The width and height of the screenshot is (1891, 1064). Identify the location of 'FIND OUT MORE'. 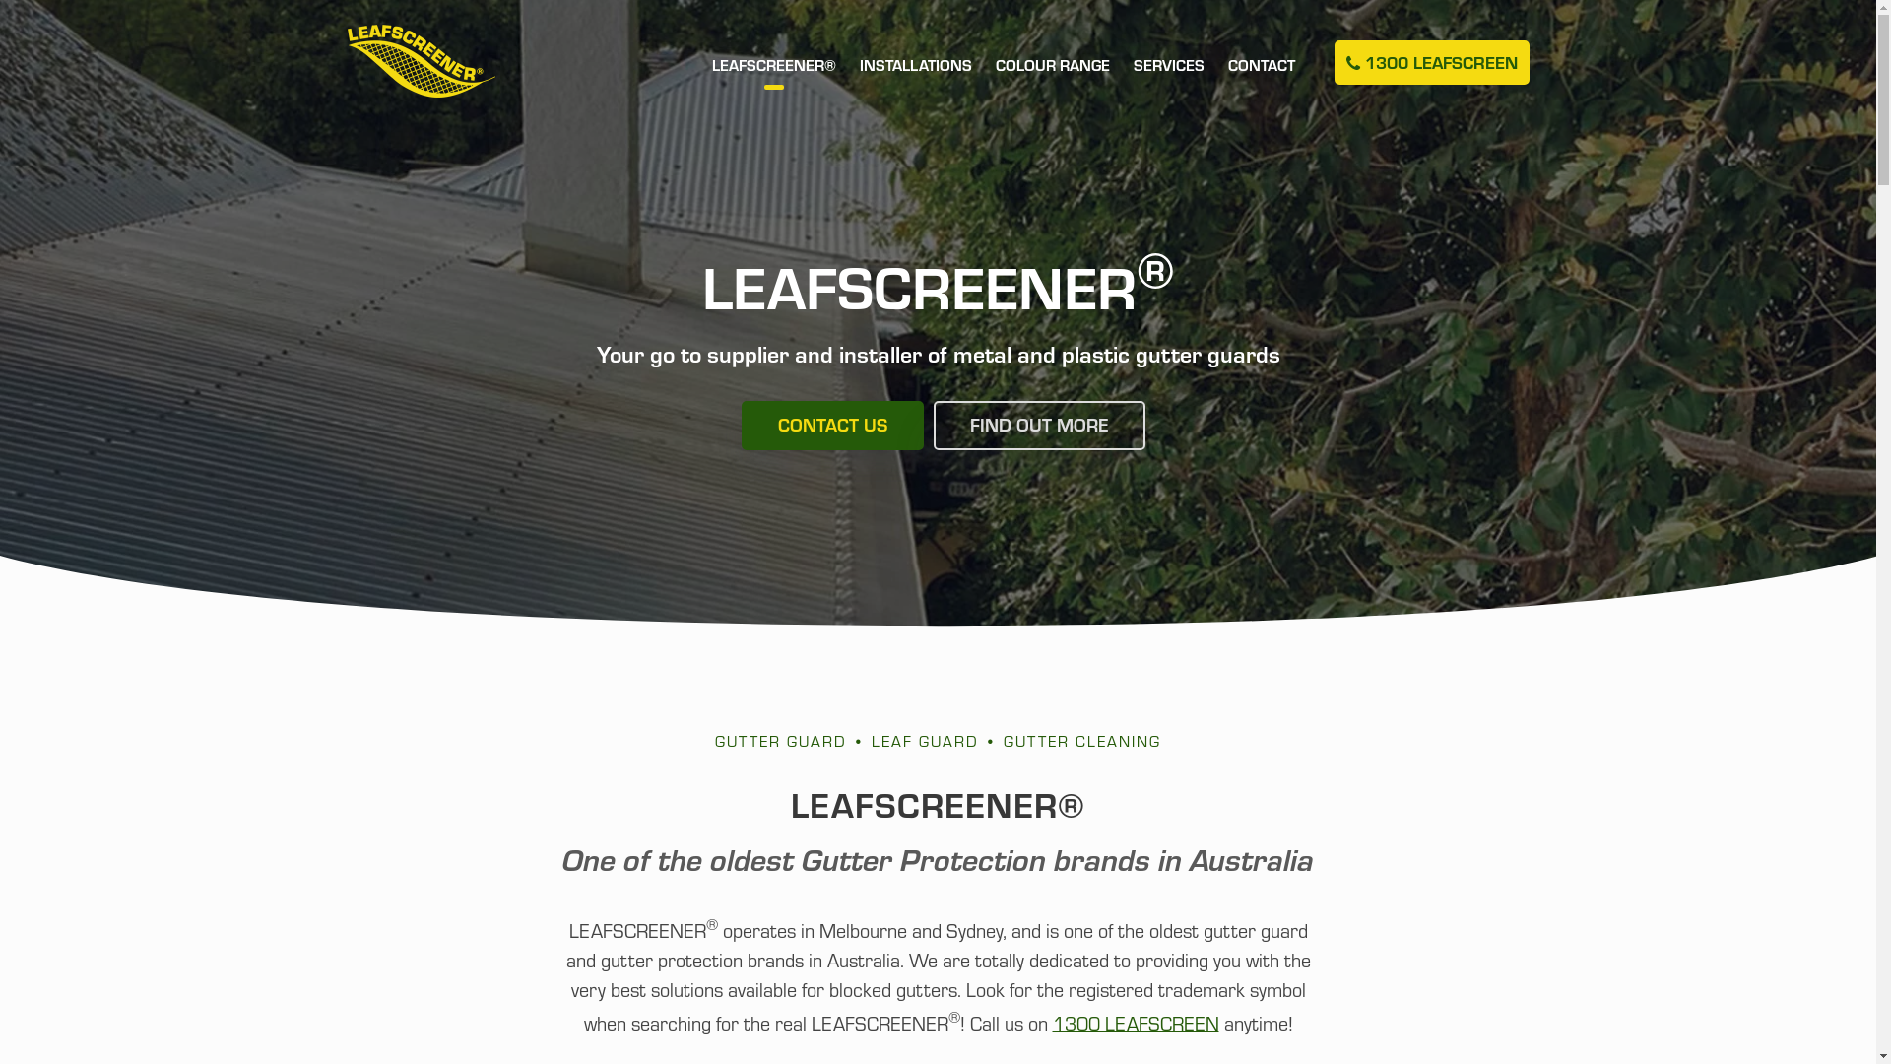
(1038, 425).